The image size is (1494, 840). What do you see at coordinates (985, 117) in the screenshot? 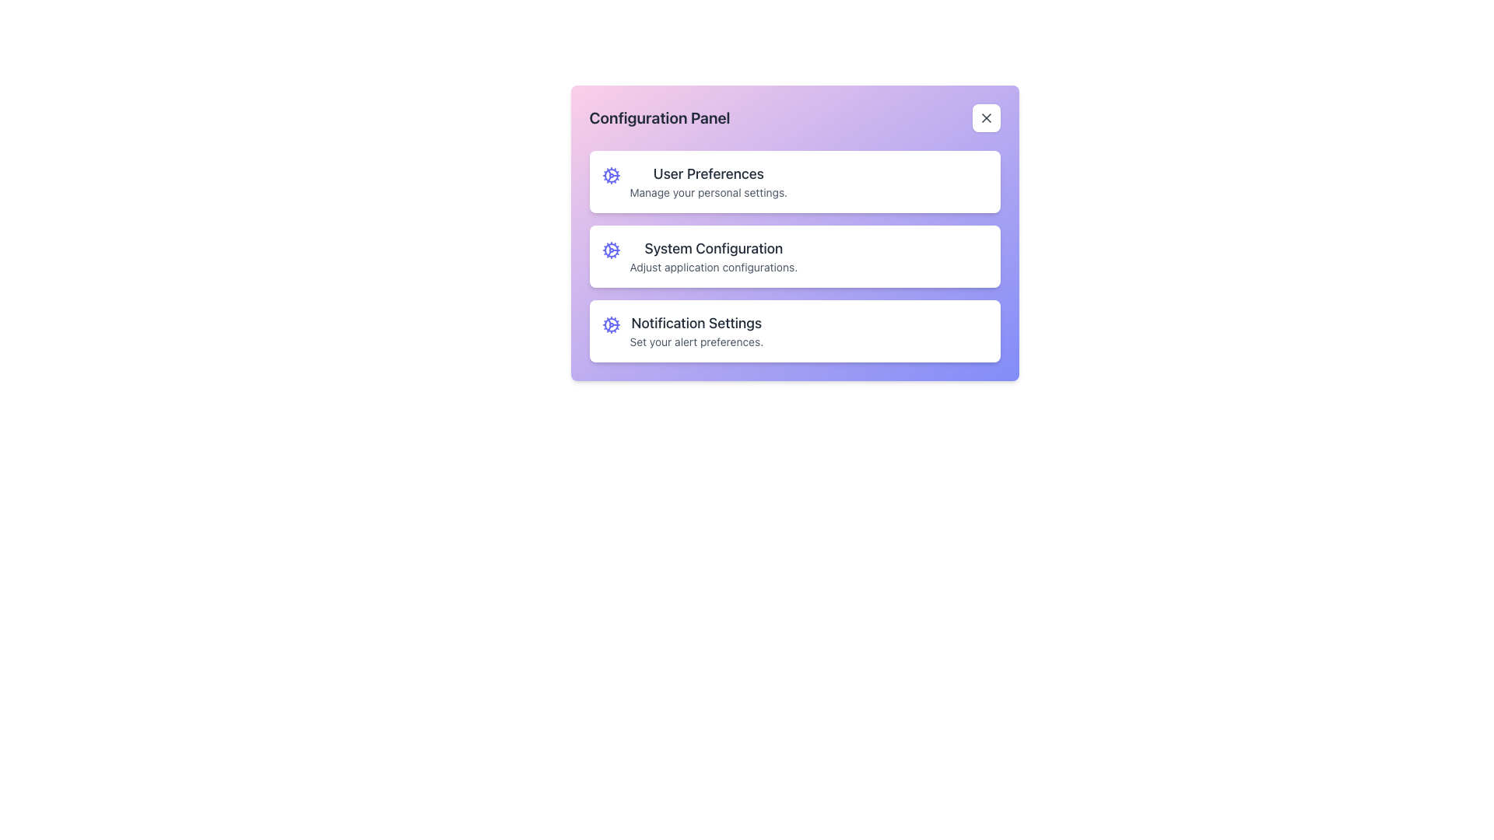
I see `the close button located at the top-right corner of the 'Configuration Panel'` at bounding box center [985, 117].